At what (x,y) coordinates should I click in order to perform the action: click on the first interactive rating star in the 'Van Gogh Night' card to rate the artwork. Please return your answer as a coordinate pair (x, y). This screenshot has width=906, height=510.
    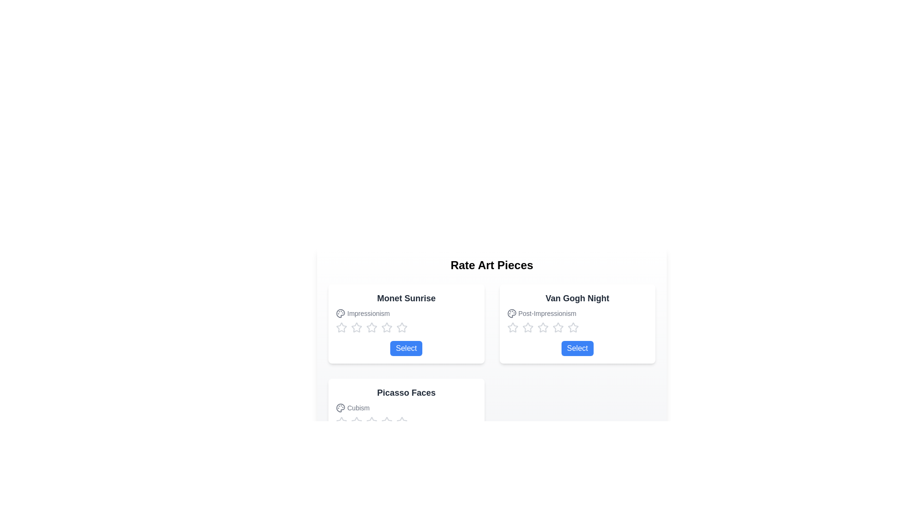
    Looking at the image, I should click on (512, 327).